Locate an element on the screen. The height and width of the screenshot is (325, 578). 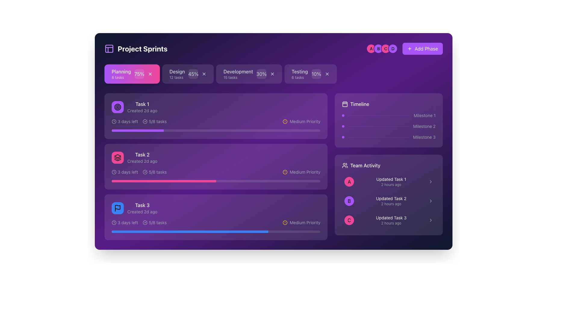
the 'Add Phase' button, which is a rectangular button with a purple gradient background and a plus sign icon, located towards the top-right corner of the interface is located at coordinates (422, 48).